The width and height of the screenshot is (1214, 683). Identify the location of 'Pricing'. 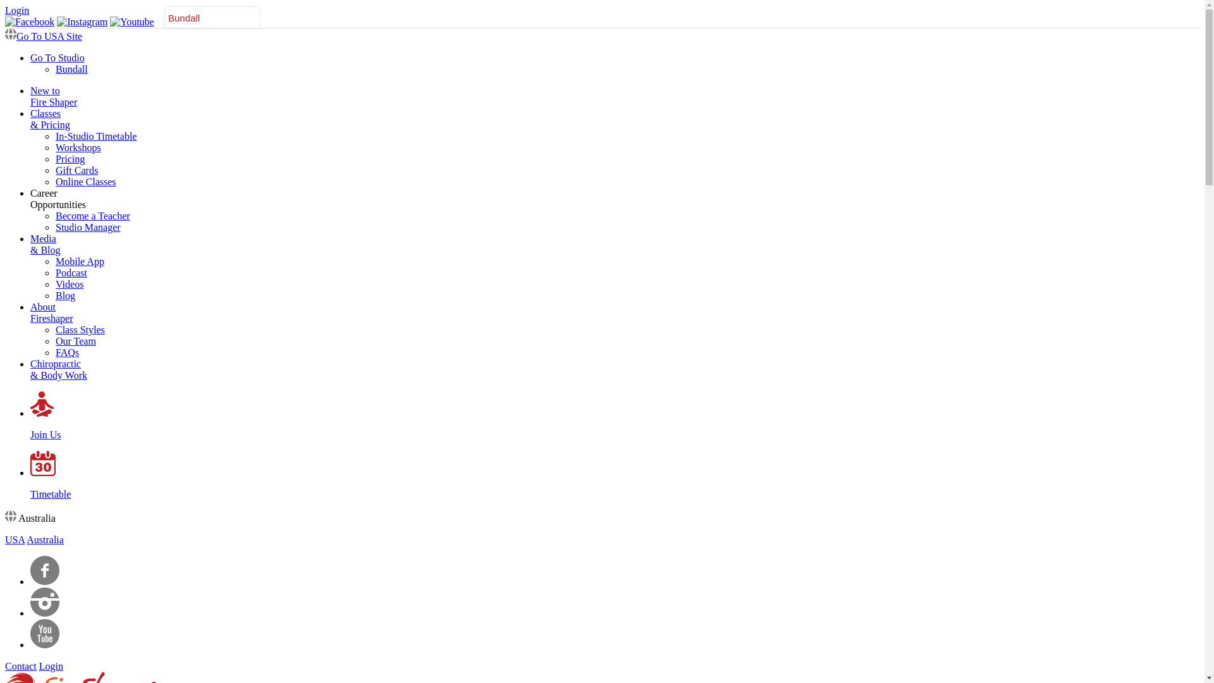
(69, 158).